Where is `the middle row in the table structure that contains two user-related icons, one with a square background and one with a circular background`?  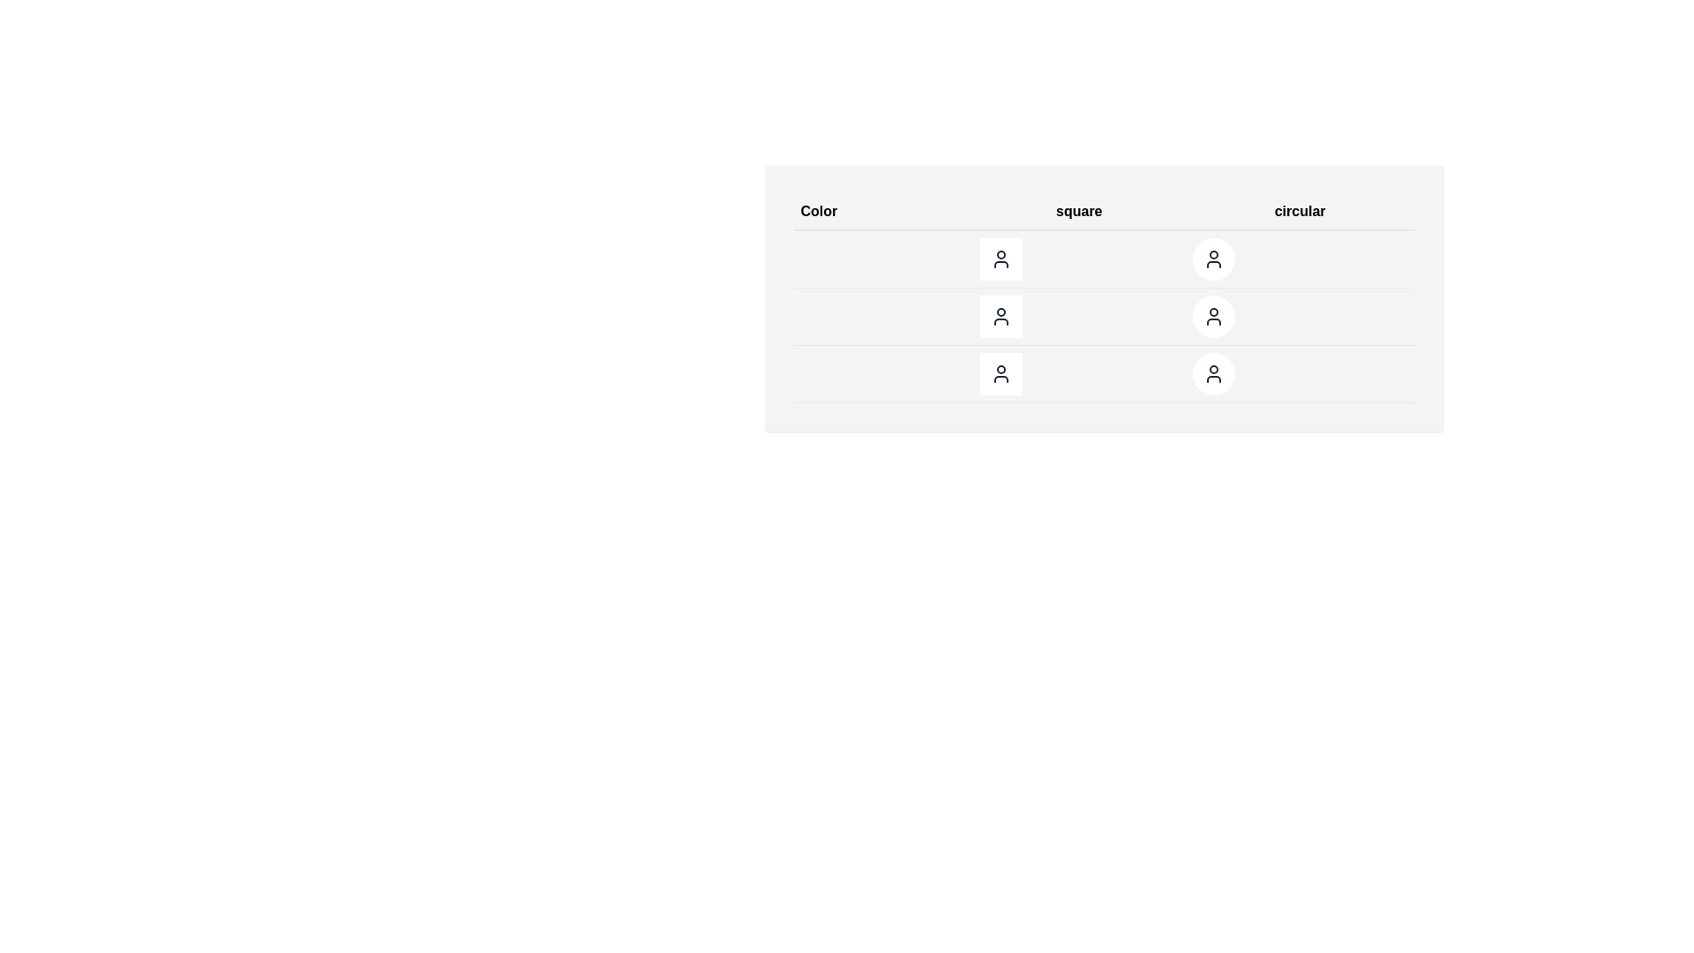
the middle row in the table structure that contains two user-related icons, one with a square background and one with a circular background is located at coordinates (1103, 315).